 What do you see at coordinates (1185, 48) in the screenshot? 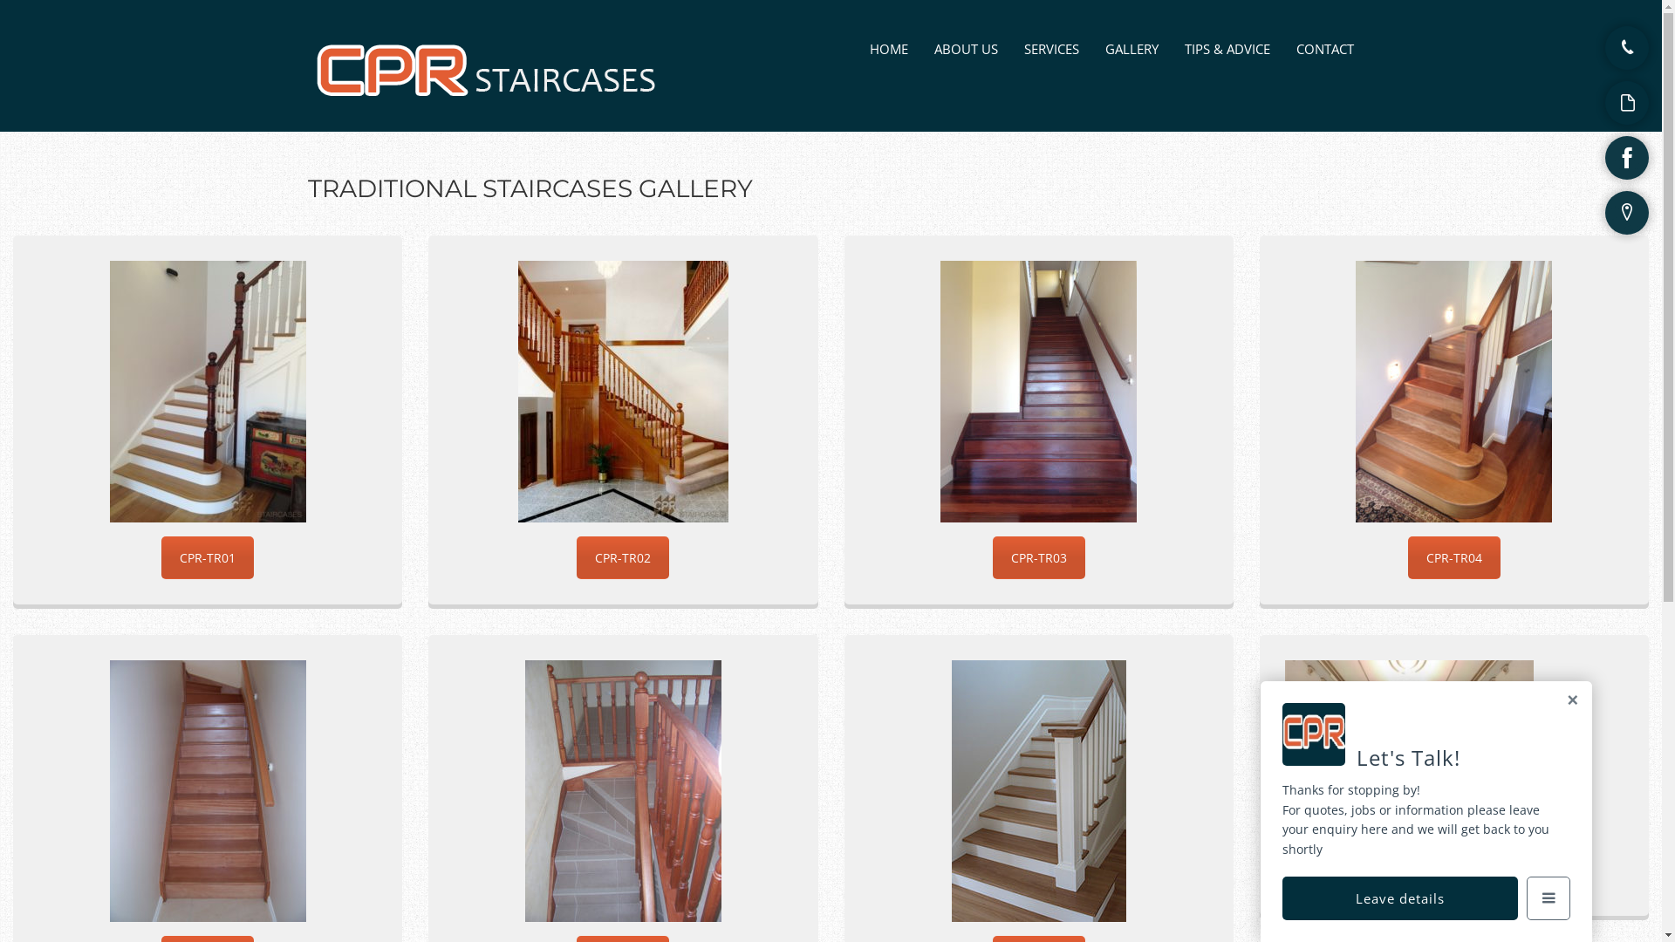
I see `'TIPS & ADVICE'` at bounding box center [1185, 48].